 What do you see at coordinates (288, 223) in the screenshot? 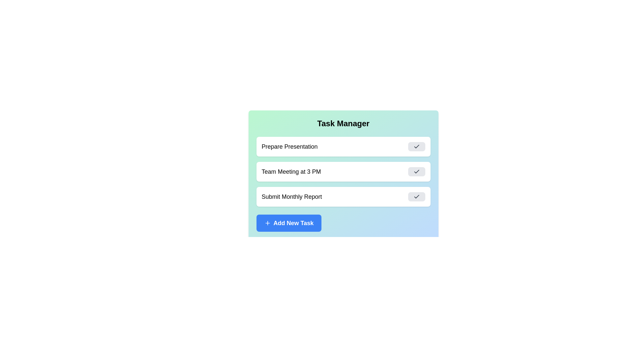
I see `the 'Add New Task' button` at bounding box center [288, 223].